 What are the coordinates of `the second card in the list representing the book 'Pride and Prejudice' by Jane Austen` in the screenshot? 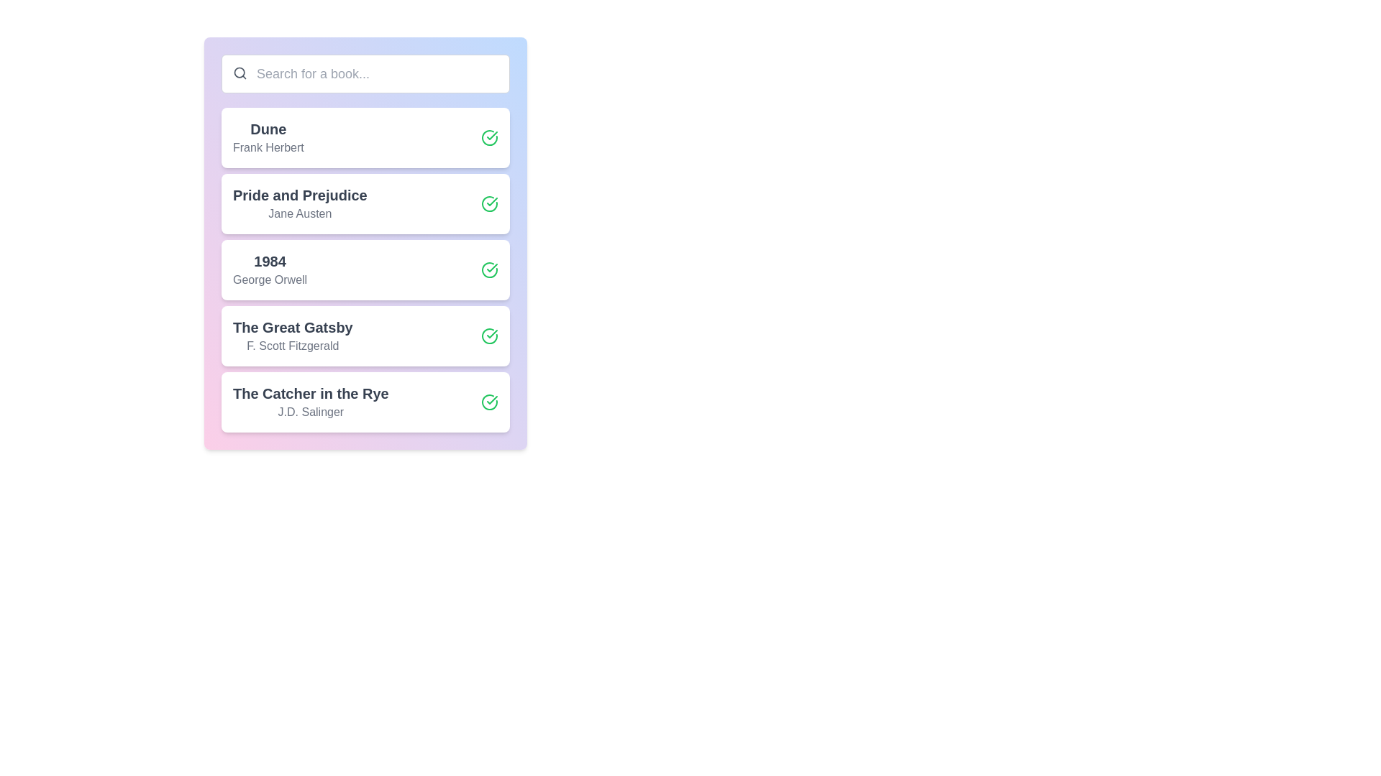 It's located at (365, 204).